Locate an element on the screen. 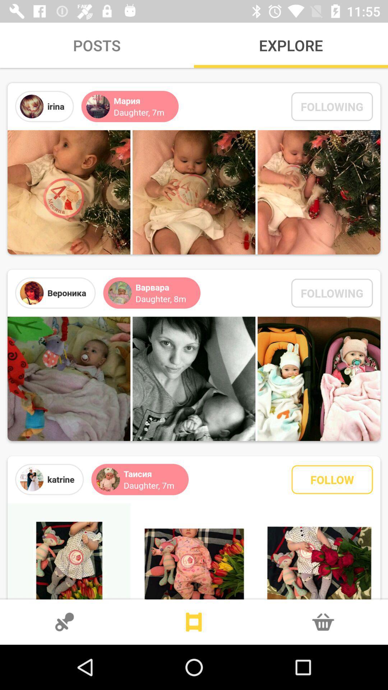  because back devicer is located at coordinates (194, 622).